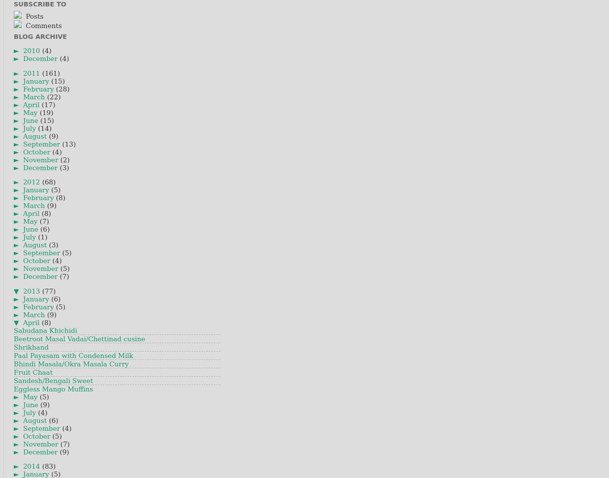 Image resolution: width=609 pixels, height=478 pixels. I want to click on '2010', so click(22, 50).